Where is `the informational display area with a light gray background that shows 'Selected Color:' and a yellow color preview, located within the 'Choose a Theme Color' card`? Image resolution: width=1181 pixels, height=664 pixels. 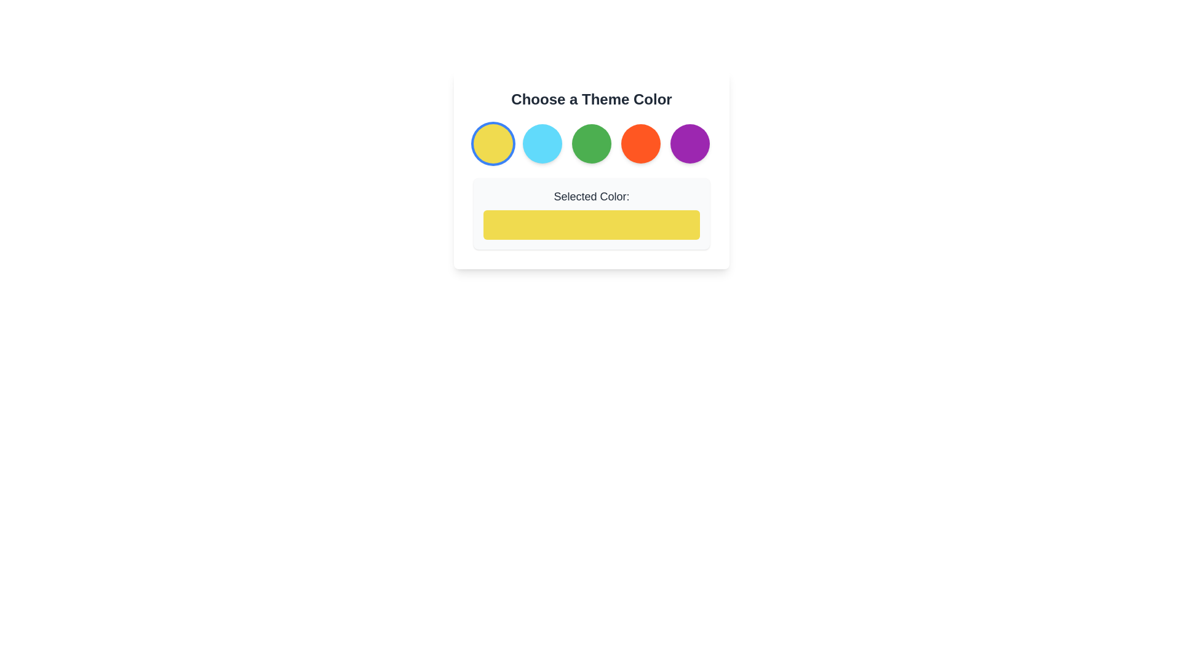
the informational display area with a light gray background that shows 'Selected Color:' and a yellow color preview, located within the 'Choose a Theme Color' card is located at coordinates (591, 213).